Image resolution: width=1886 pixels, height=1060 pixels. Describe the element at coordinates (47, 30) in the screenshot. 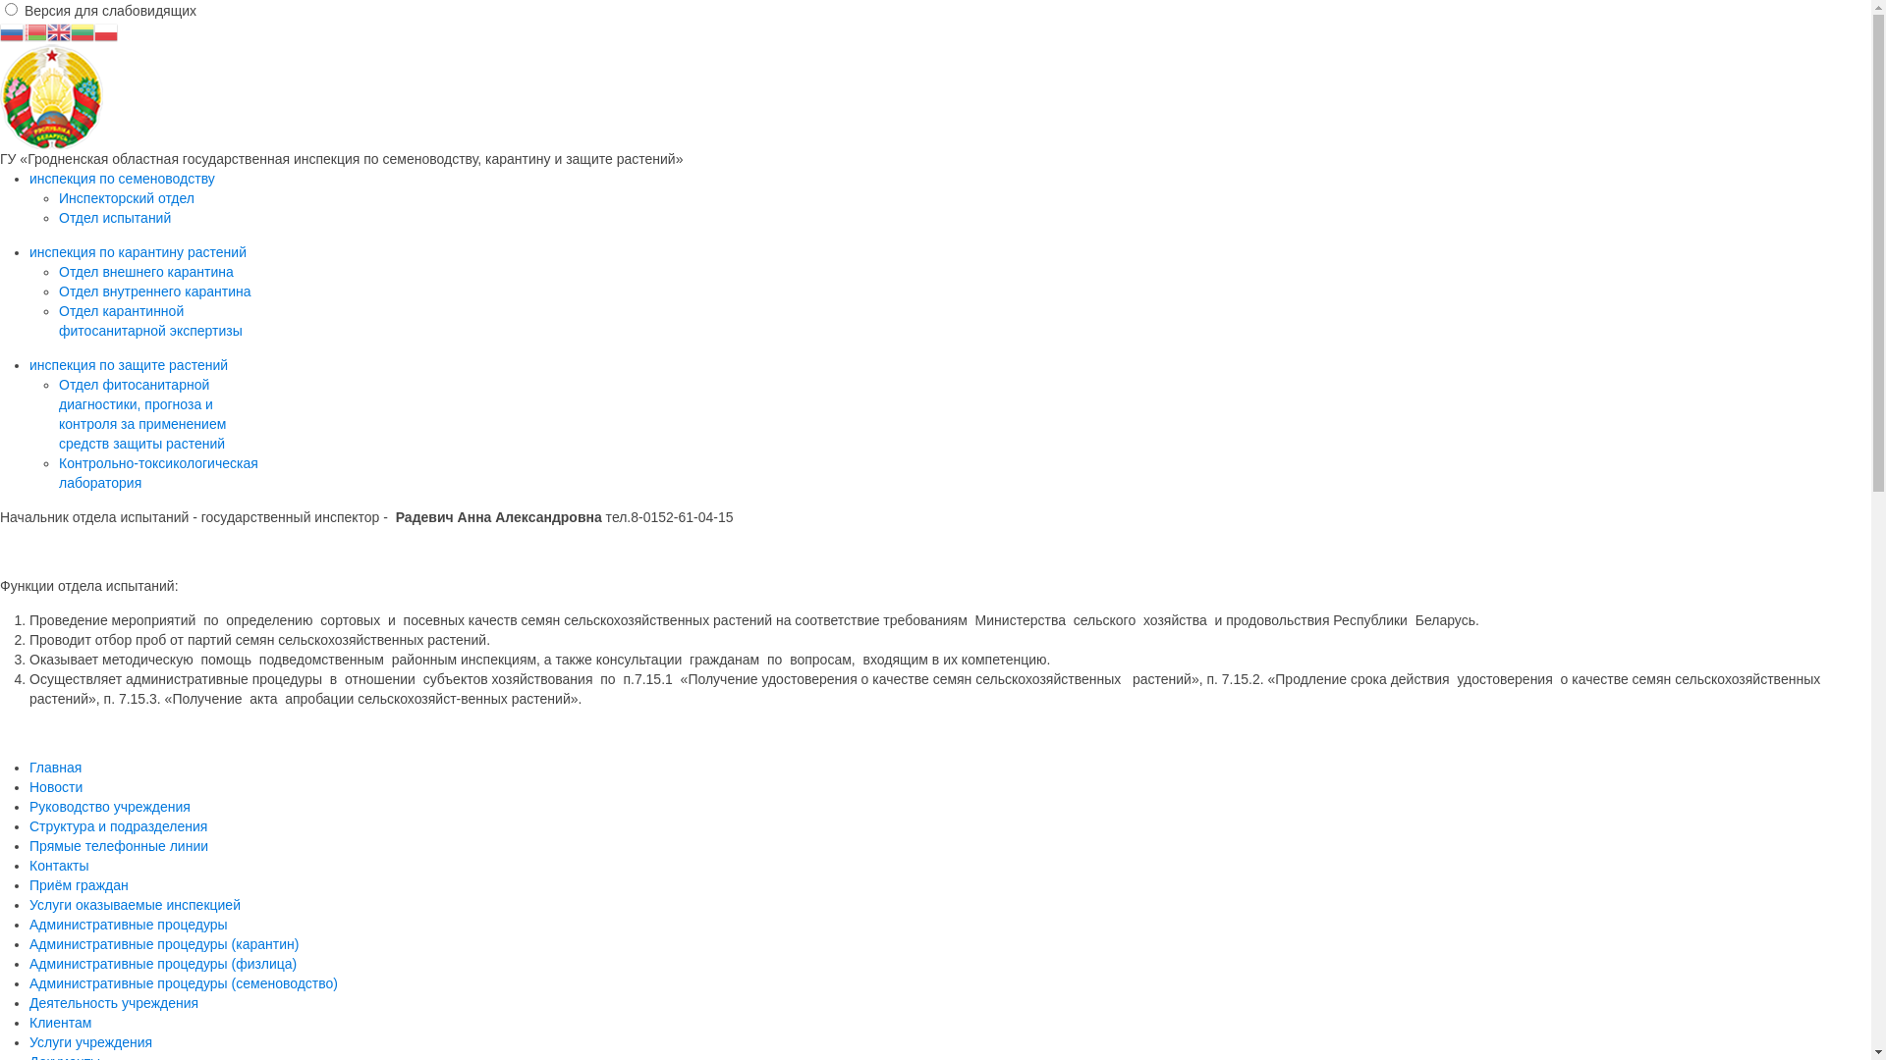

I see `'English'` at that location.